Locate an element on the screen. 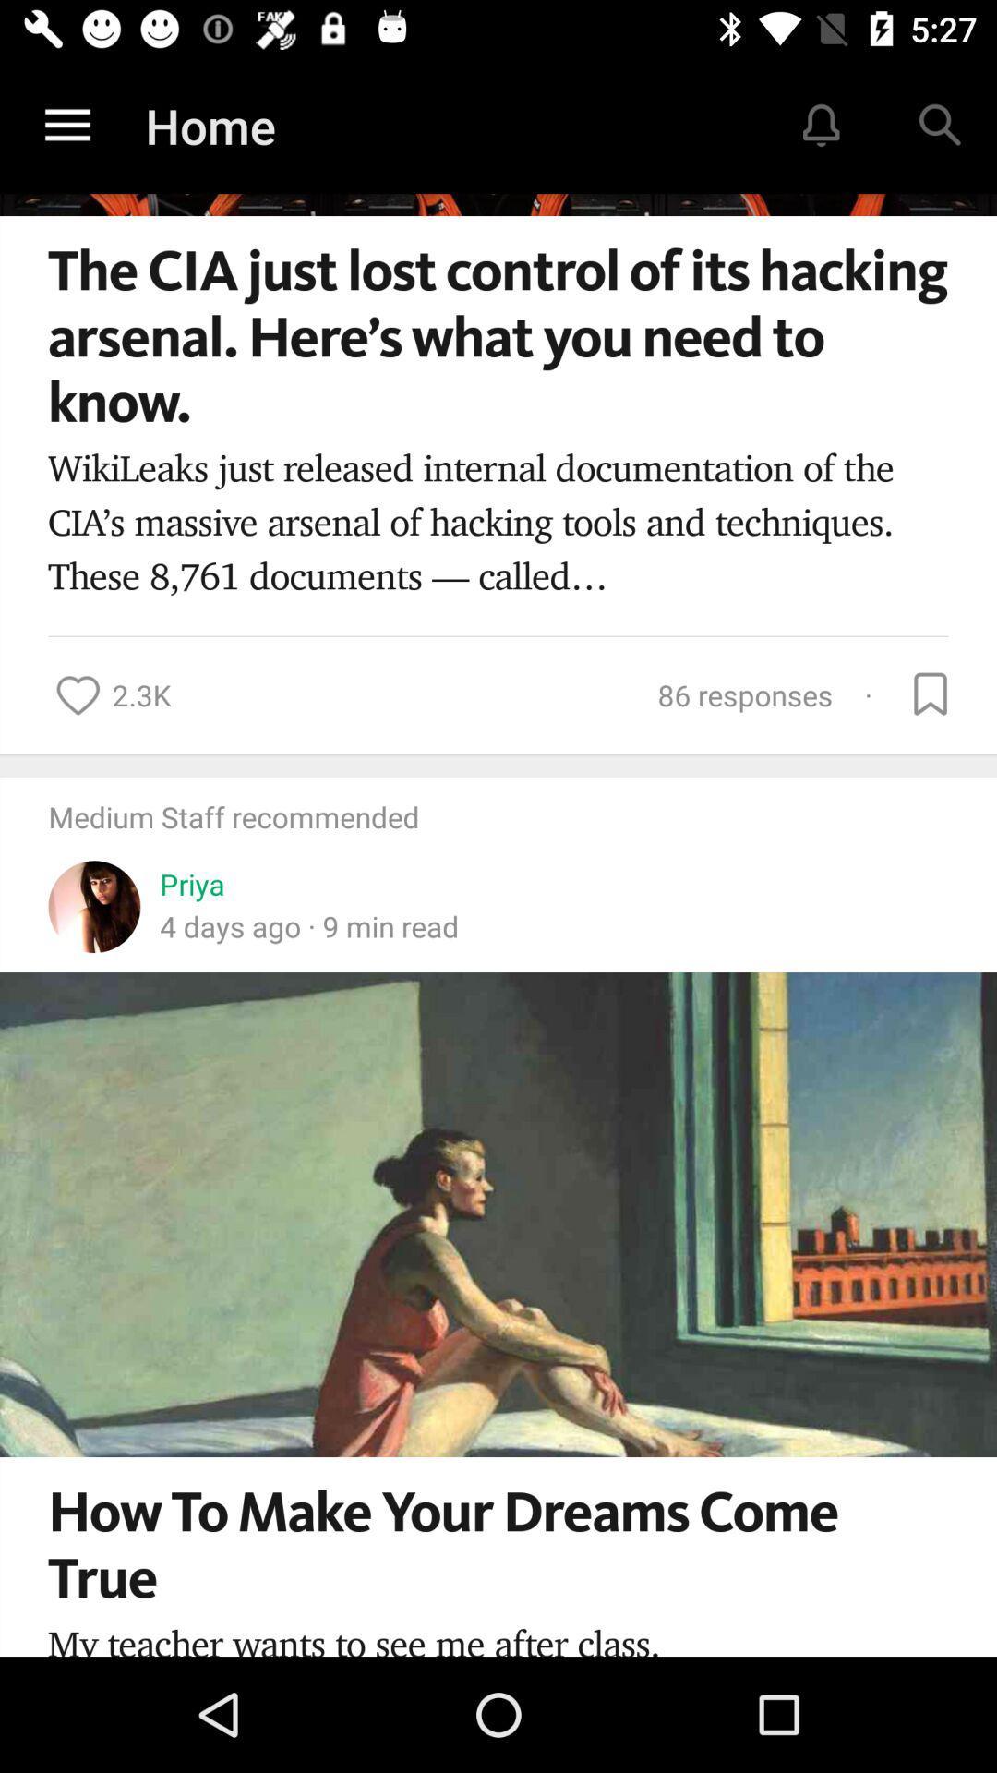 The width and height of the screenshot is (997, 1773). image beside 23k is located at coordinates (77, 694).